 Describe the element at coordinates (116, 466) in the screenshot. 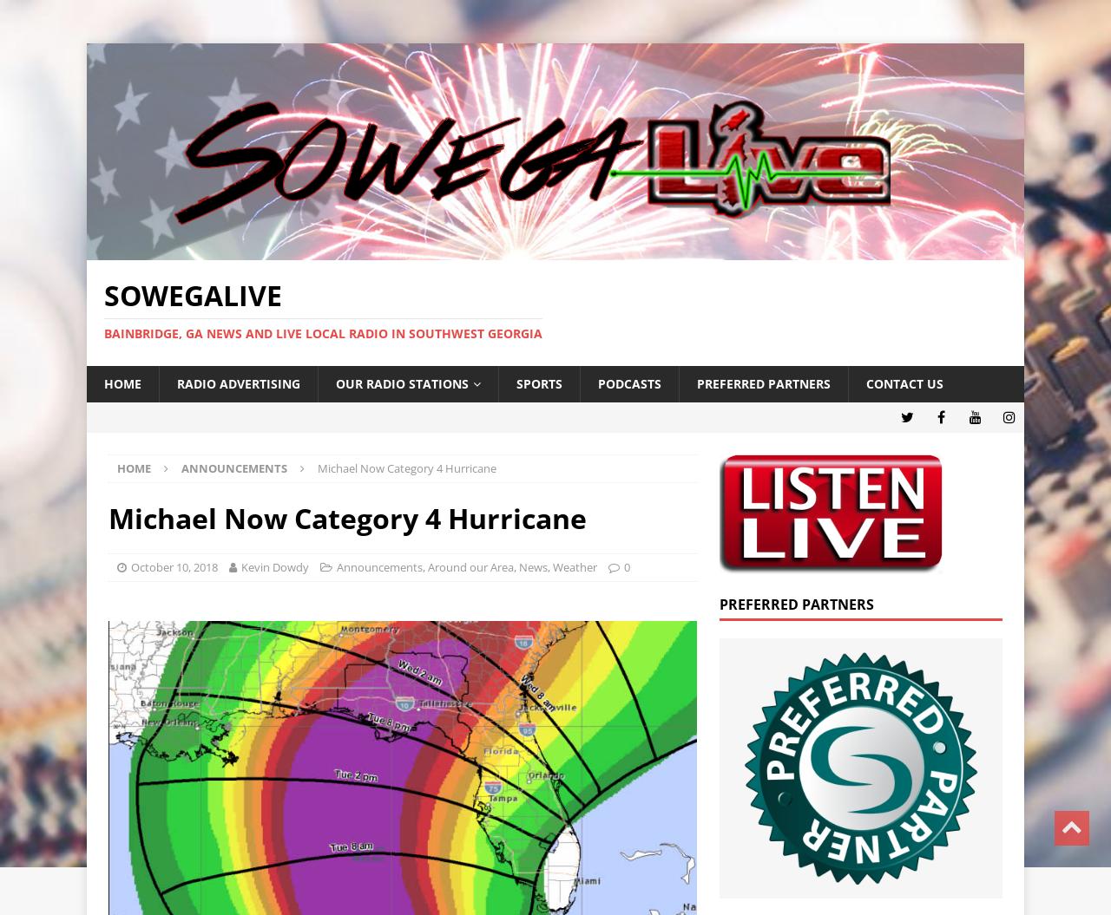

I see `'Home'` at that location.